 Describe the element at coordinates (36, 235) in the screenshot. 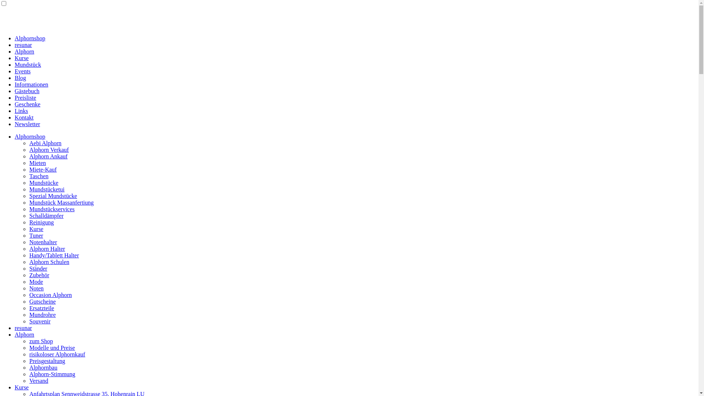

I see `'Tuner'` at that location.